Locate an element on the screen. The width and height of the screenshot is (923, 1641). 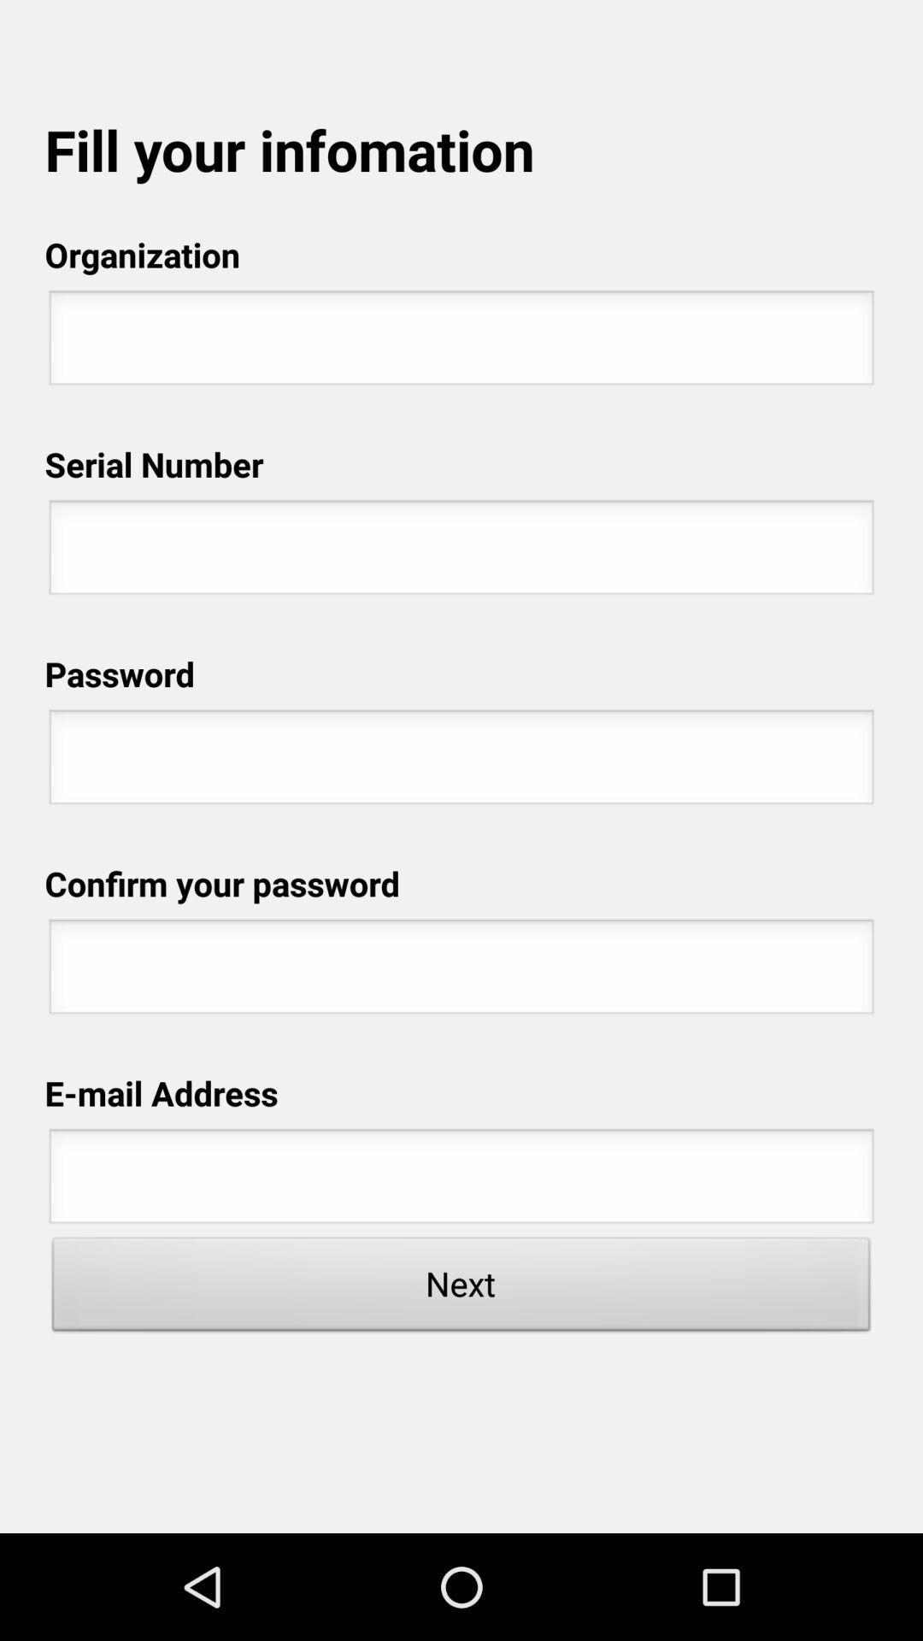
email is located at coordinates (461, 1180).